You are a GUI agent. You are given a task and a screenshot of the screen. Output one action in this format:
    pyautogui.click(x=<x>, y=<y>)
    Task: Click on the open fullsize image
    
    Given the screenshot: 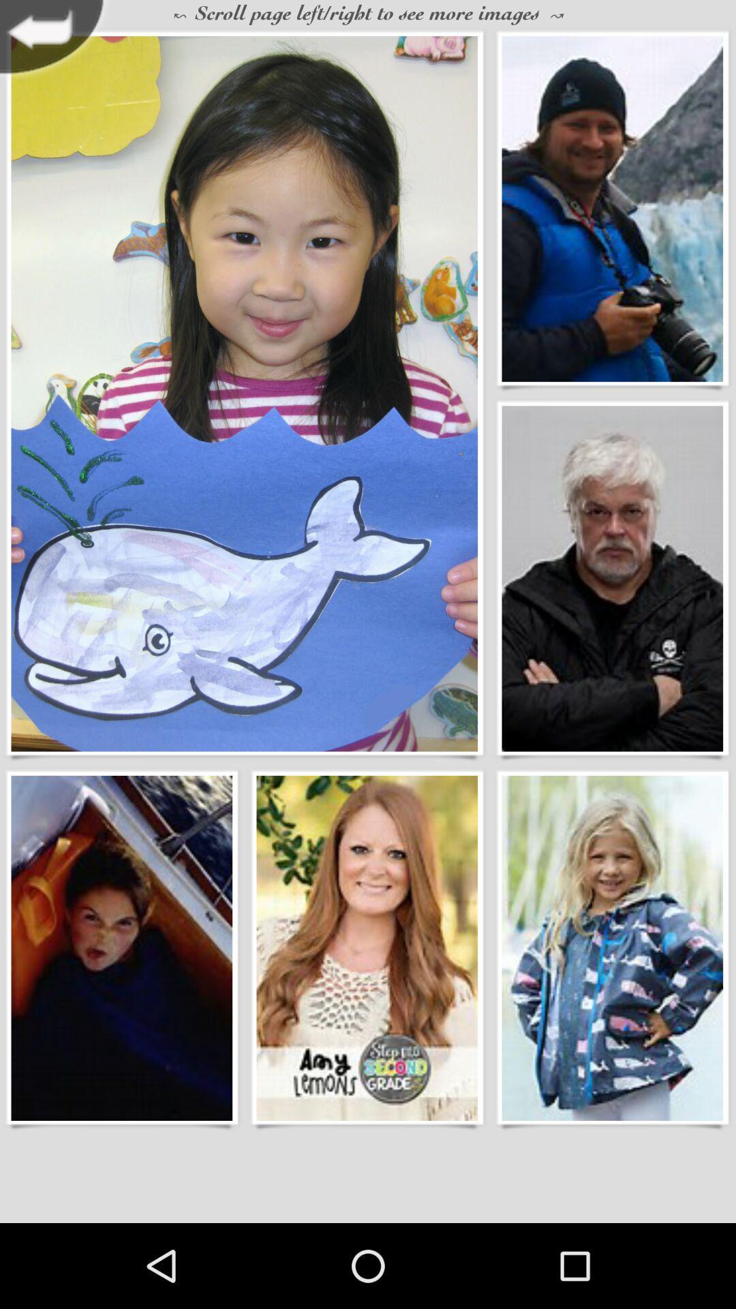 What is the action you would take?
    pyautogui.click(x=611, y=208)
    